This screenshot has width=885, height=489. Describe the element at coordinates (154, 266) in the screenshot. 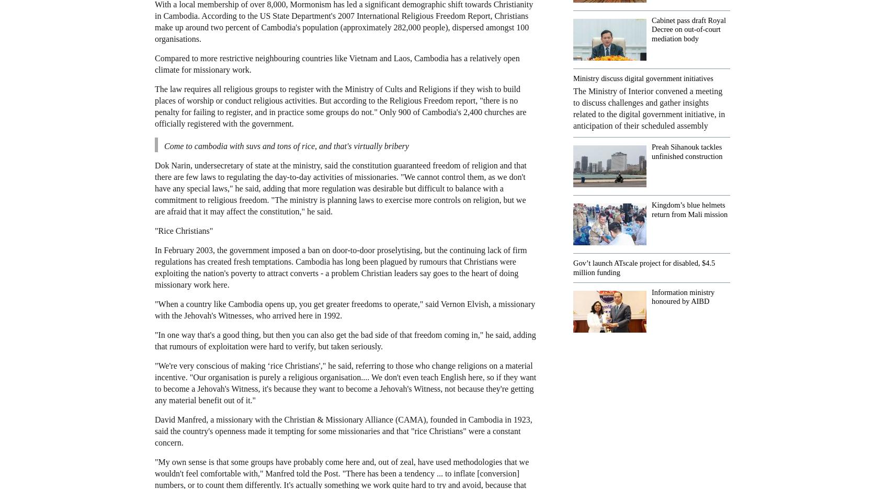

I see `'In February 2003, the government imposed a ban on door-to-door proselytising, but the continuing lack of firm regulations has created fresh temptations. Cambodia has long been plagued by rumours that Christians were exploiting the nation's poverty to attract converts - a problem Christian leaders say goes to the heart of doing missionary work here.'` at that location.